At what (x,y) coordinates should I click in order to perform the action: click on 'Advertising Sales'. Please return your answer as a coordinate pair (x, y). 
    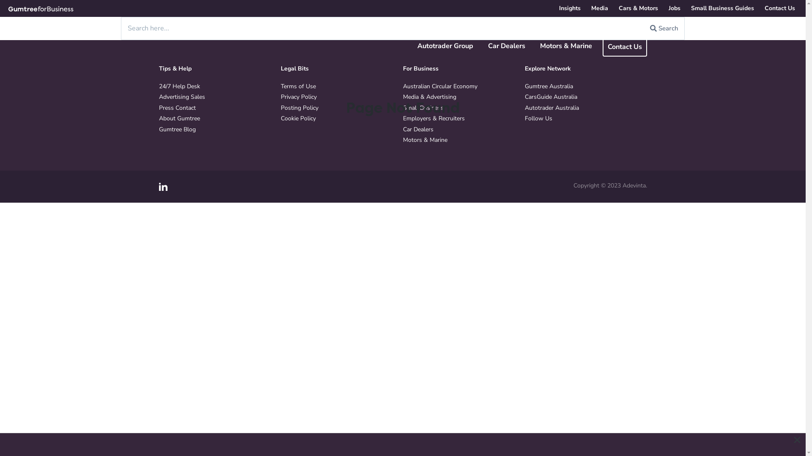
    Looking at the image, I should click on (181, 96).